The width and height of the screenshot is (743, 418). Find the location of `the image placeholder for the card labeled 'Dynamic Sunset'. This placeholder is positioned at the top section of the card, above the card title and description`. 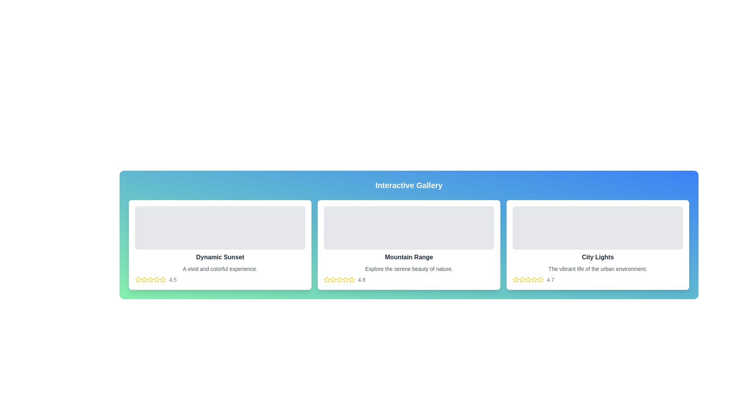

the image placeholder for the card labeled 'Dynamic Sunset'. This placeholder is positioned at the top section of the card, above the card title and description is located at coordinates (220, 228).